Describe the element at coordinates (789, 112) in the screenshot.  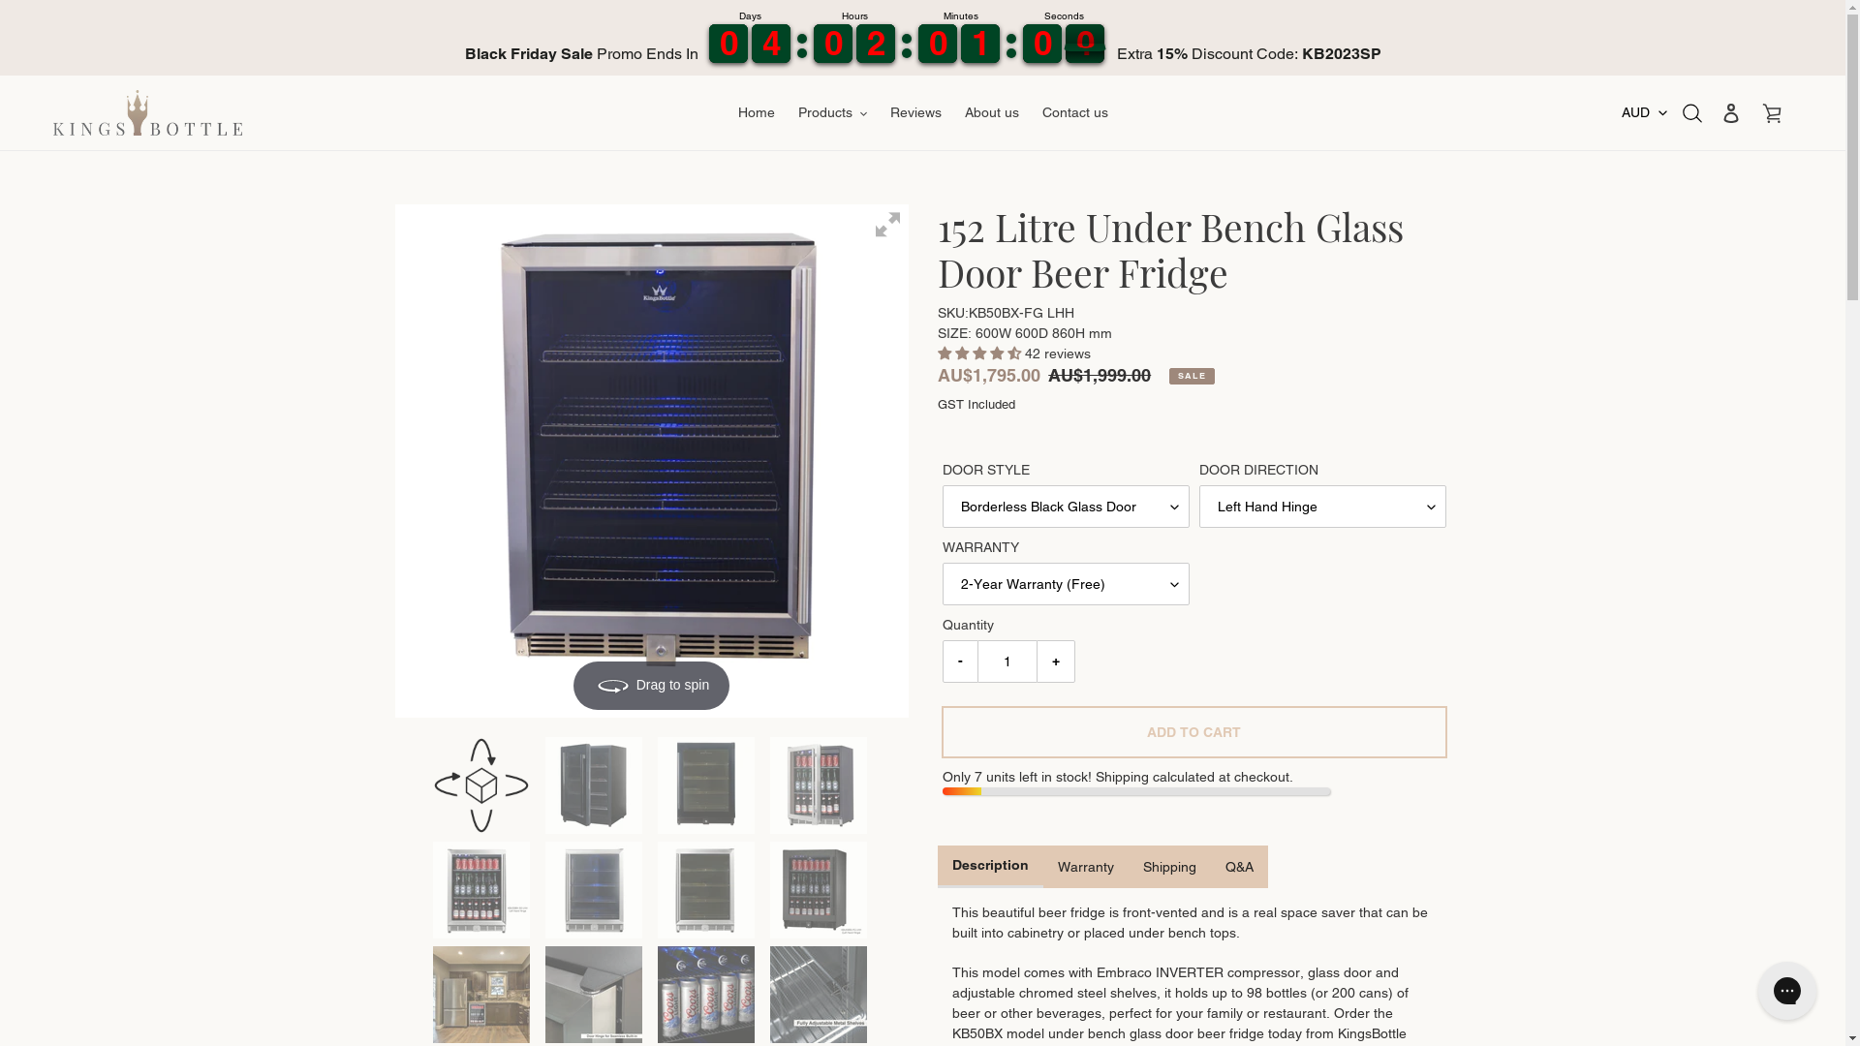
I see `'Products'` at that location.